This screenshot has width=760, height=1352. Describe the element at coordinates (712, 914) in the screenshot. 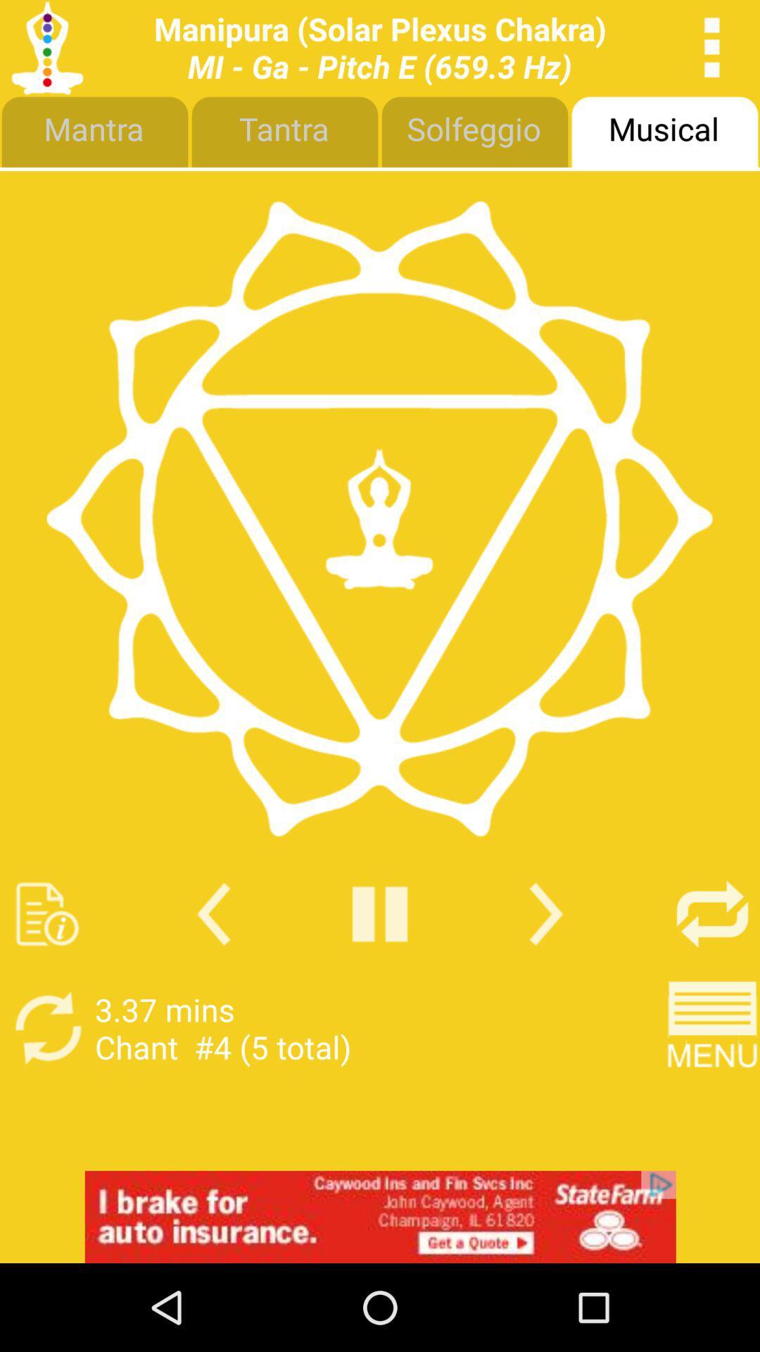

I see `shuffle` at that location.